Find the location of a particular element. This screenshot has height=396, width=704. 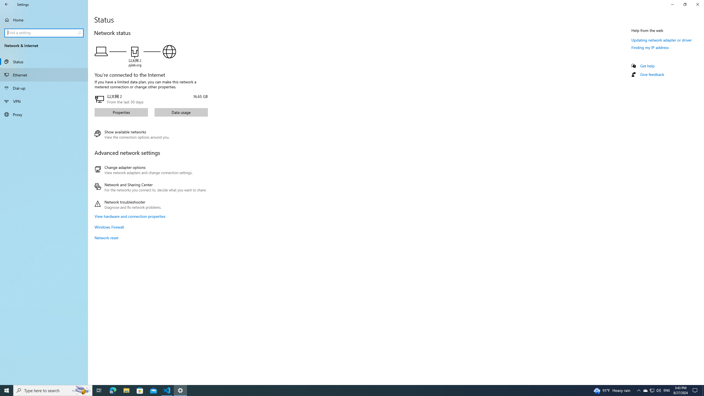

'Show available networks' is located at coordinates (132, 134).